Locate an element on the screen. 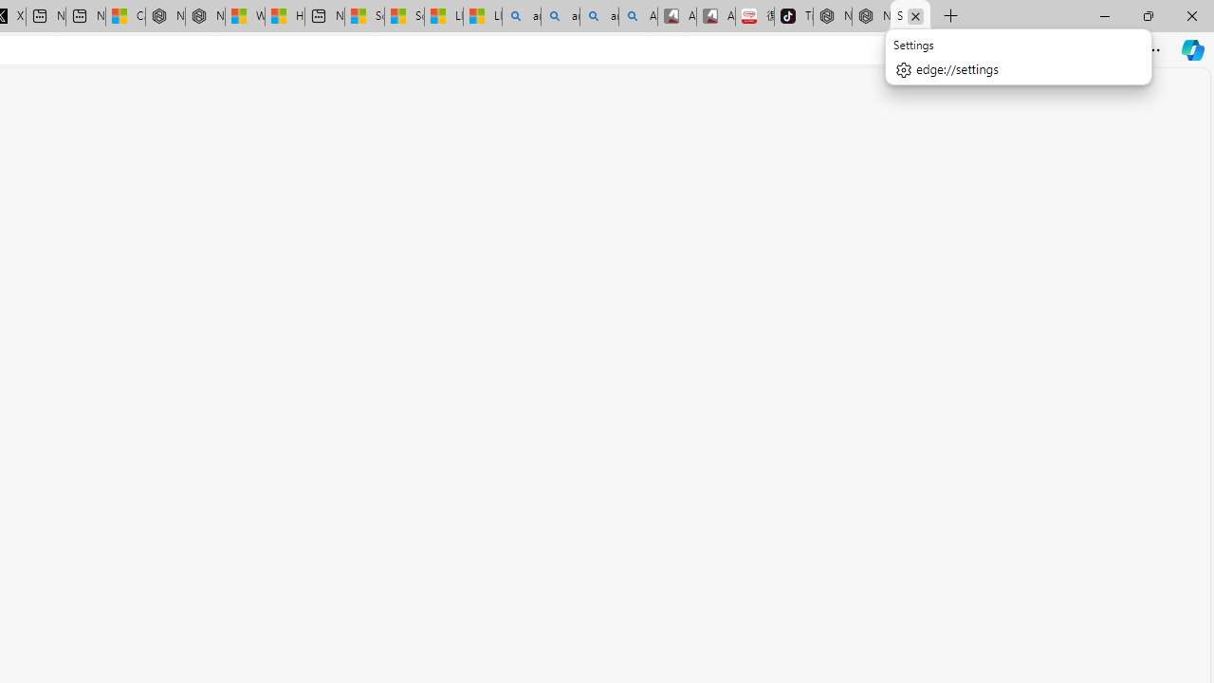  'amazon - Search Images' is located at coordinates (598, 16).